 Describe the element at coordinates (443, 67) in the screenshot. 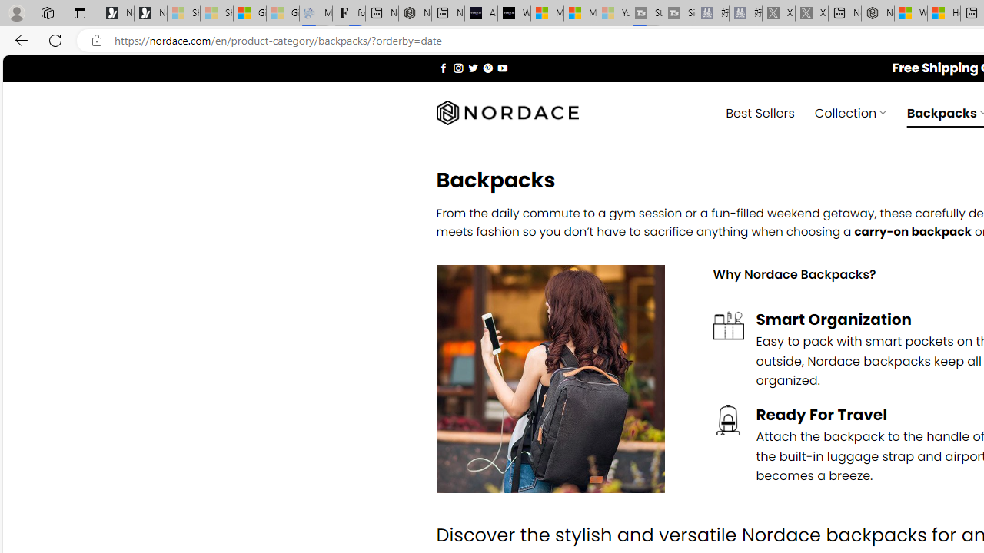

I see `'Follow on Facebook'` at that location.